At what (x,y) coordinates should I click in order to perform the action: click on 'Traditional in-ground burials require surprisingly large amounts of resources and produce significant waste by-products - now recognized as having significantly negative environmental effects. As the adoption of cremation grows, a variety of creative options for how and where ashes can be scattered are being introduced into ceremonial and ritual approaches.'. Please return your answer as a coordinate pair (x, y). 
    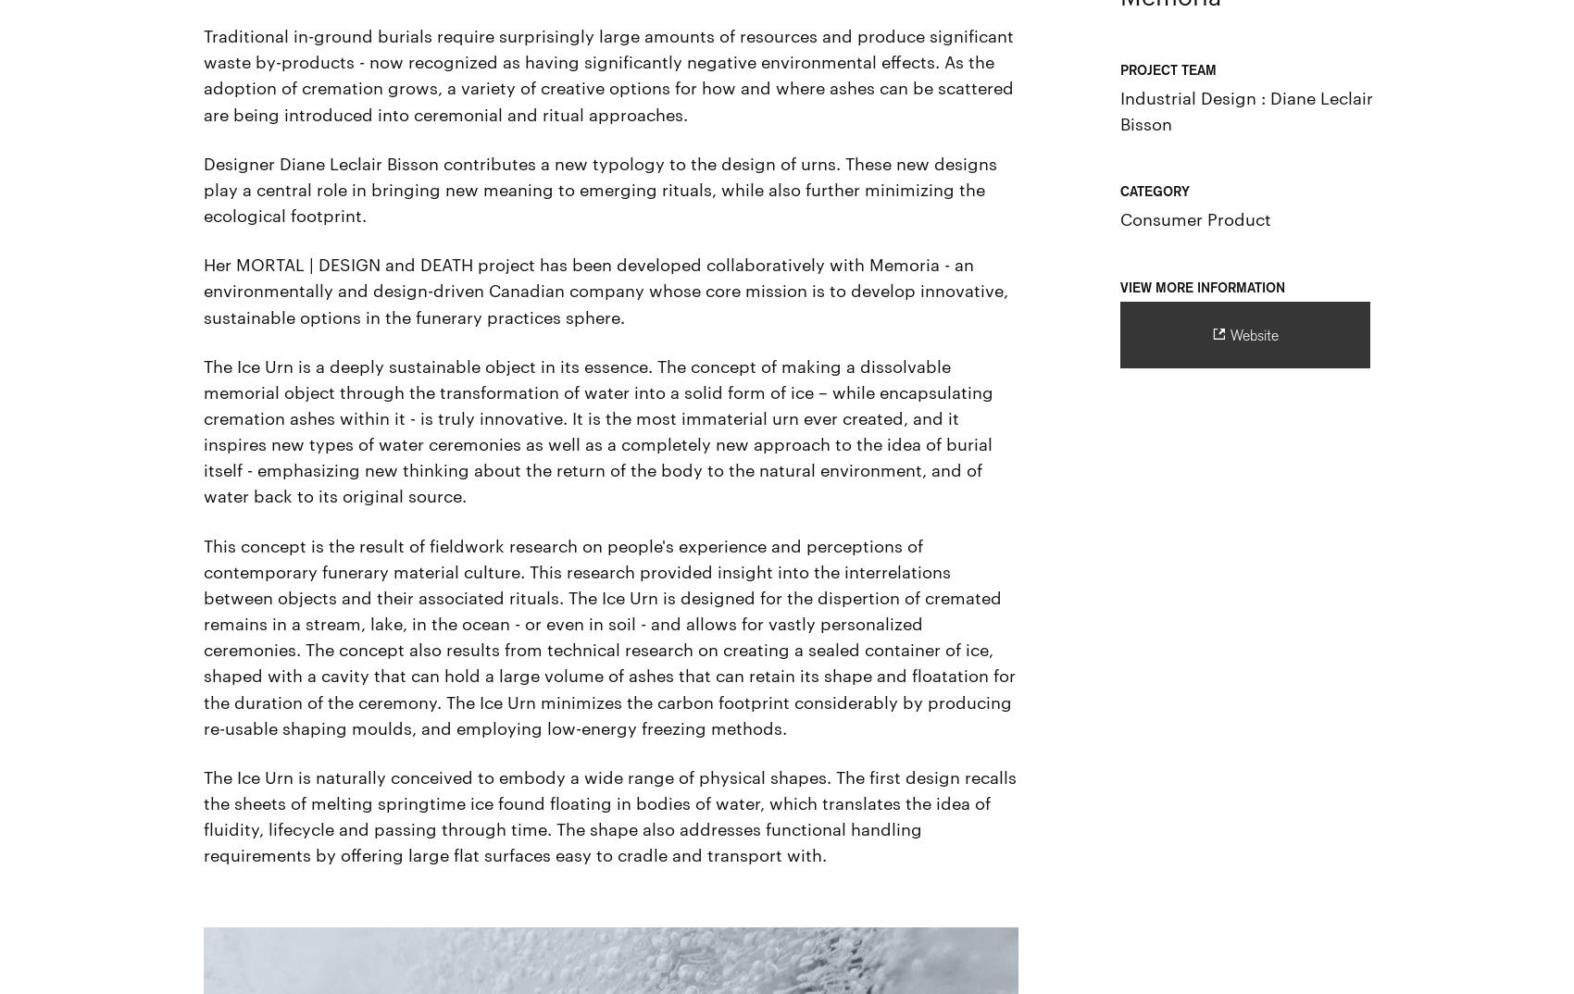
    Looking at the image, I should click on (610, 73).